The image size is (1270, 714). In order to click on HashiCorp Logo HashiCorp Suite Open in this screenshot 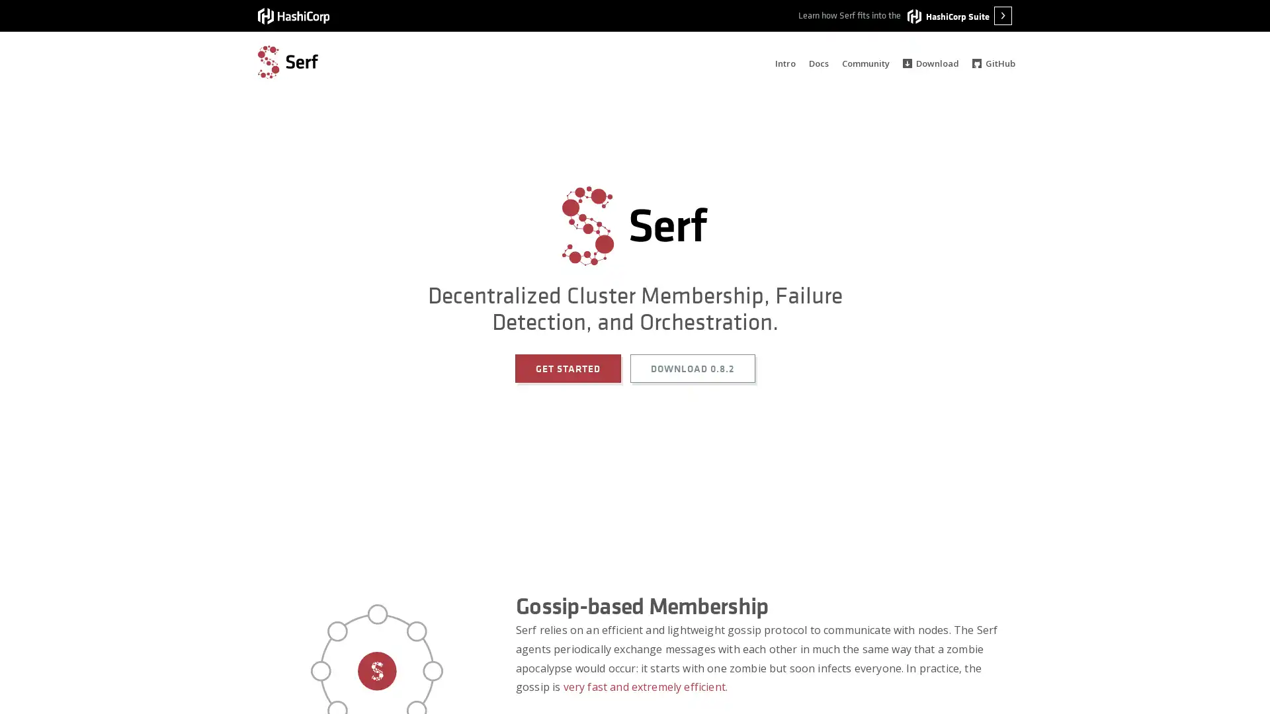, I will do `click(959, 15)`.